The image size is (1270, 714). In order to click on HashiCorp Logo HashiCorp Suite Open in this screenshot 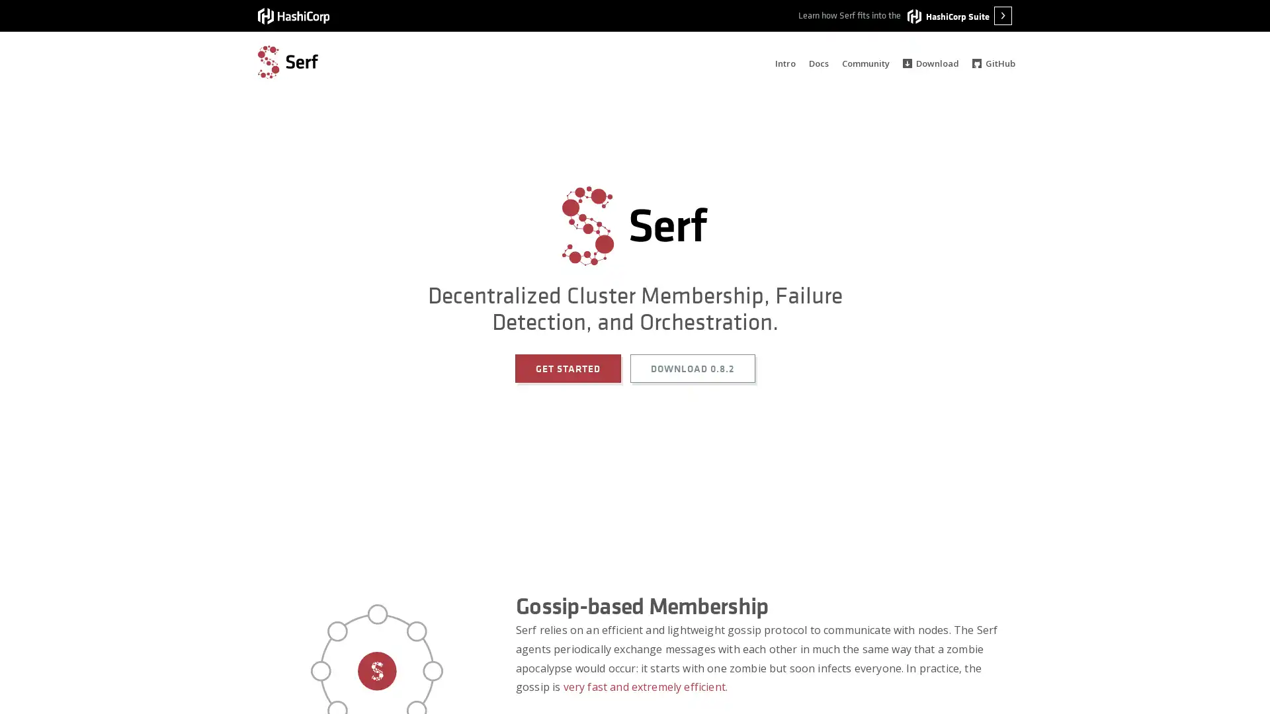, I will do `click(959, 15)`.